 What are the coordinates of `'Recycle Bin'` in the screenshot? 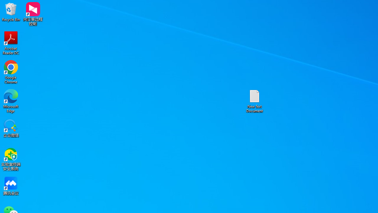 It's located at (11, 12).